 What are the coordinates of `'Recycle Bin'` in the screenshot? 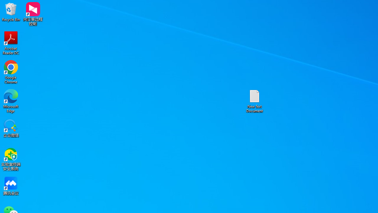 It's located at (11, 12).